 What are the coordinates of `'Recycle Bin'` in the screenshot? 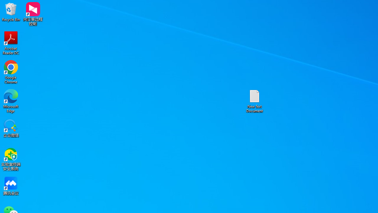 It's located at (11, 12).